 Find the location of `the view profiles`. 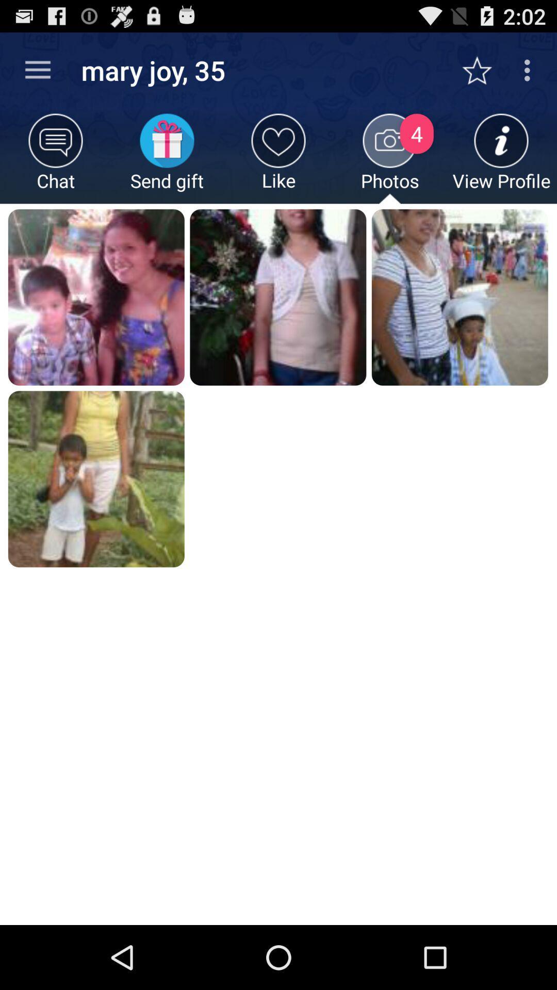

the view profiles is located at coordinates (501, 158).